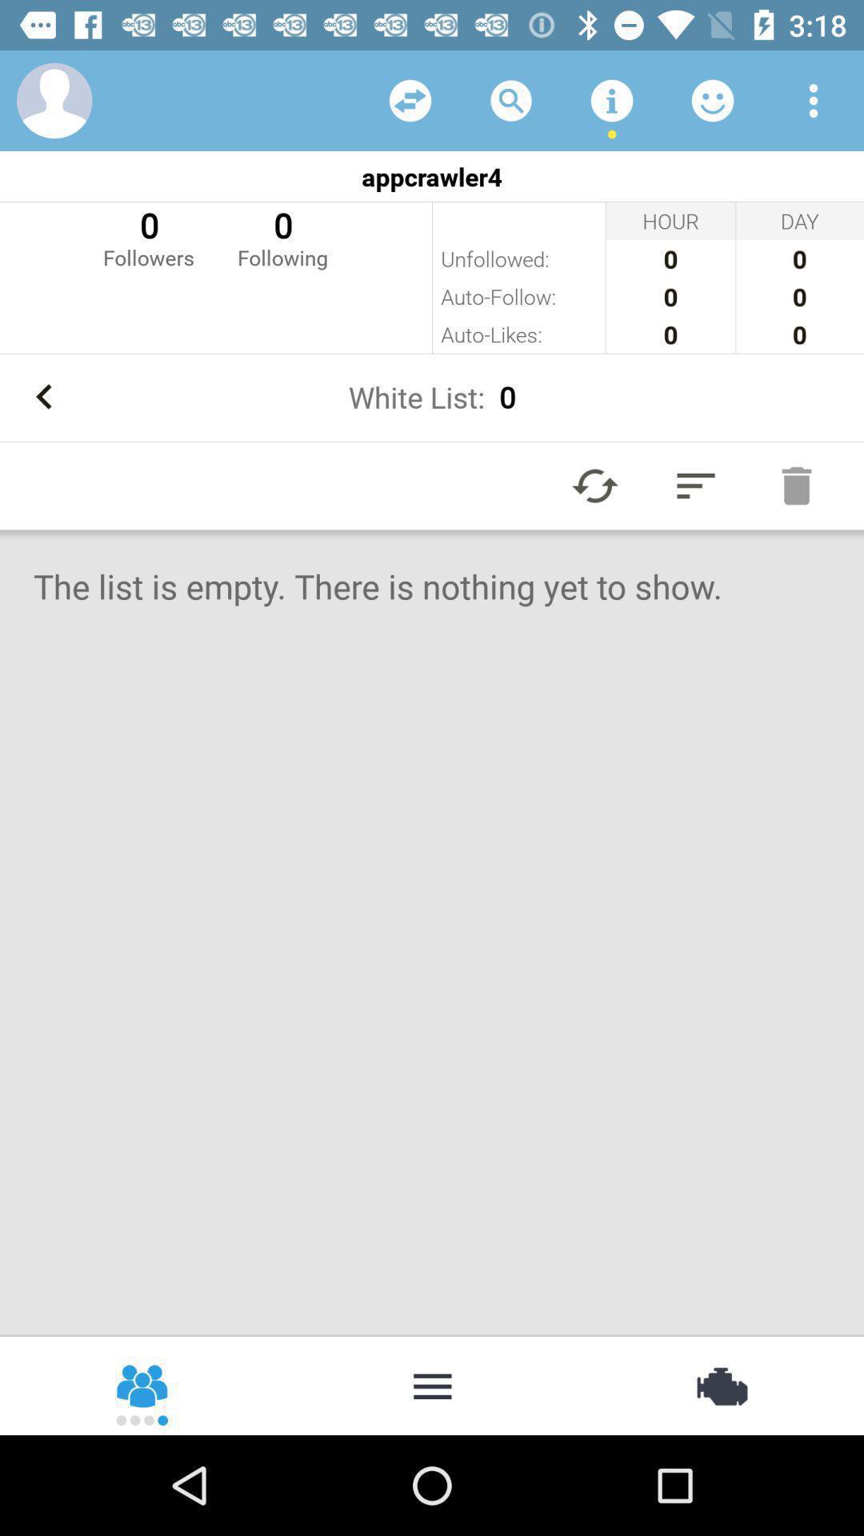 The image size is (864, 1536). What do you see at coordinates (43, 397) in the screenshot?
I see `the arrow_backward icon` at bounding box center [43, 397].